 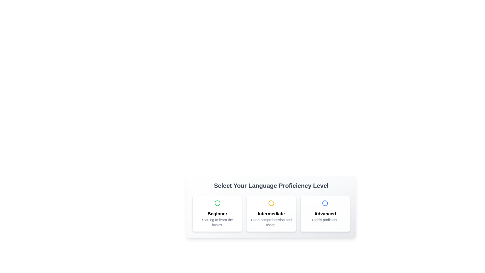 I want to click on the language proficiency level card located centrally in the grid layout below the heading 'Select Your Language Proficiency Level.', so click(x=271, y=214).